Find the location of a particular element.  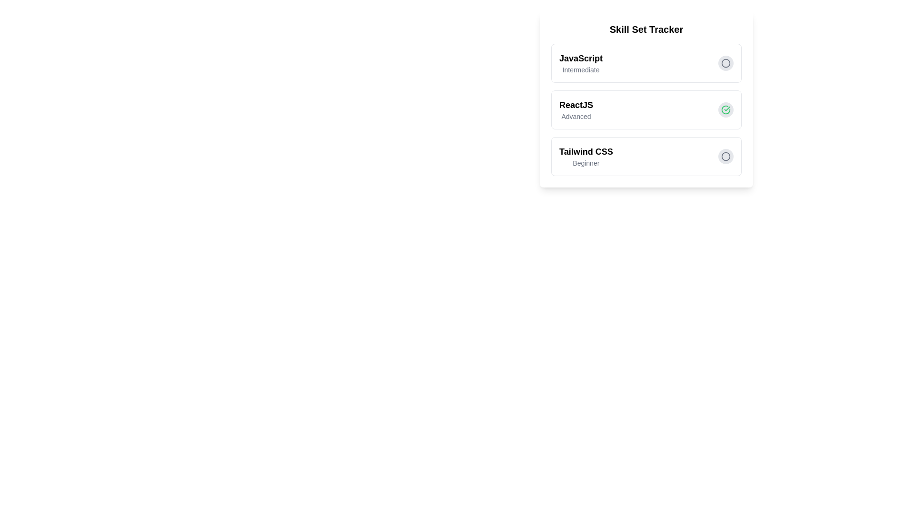

the adjacent elements in the 'Skill Set Tracker' list, starting from the title of the third skill item, which is indicated by the textual label before 'Beginner' is located at coordinates (586, 151).